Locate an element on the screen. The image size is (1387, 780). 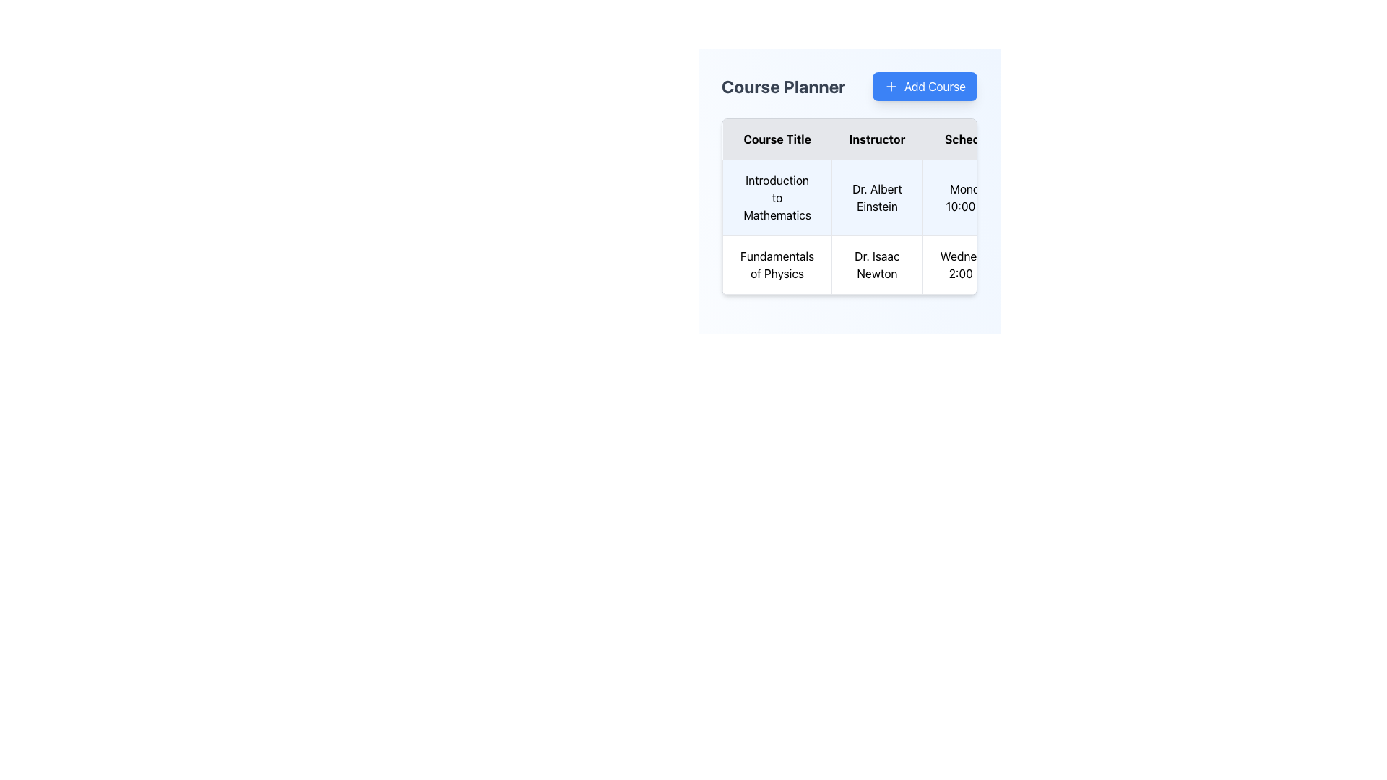
the second row of the course details table that includes the course title 'Fundamentals of Physics', instructor 'Dr. Isaac Newton', and schedule 'Wednesday 2:00 PM' is located at coordinates (909, 264).